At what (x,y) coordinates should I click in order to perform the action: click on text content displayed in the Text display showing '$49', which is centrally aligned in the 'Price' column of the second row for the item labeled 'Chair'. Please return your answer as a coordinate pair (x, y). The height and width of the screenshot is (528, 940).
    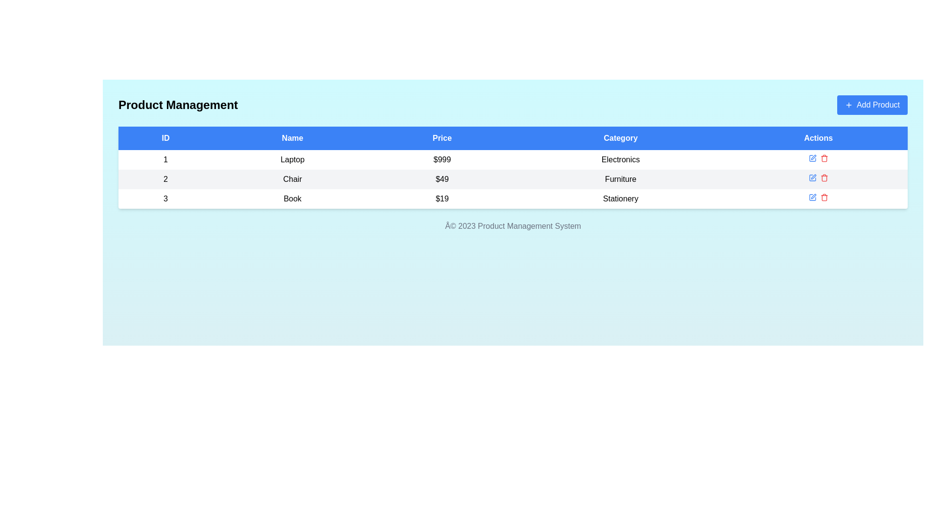
    Looking at the image, I should click on (442, 179).